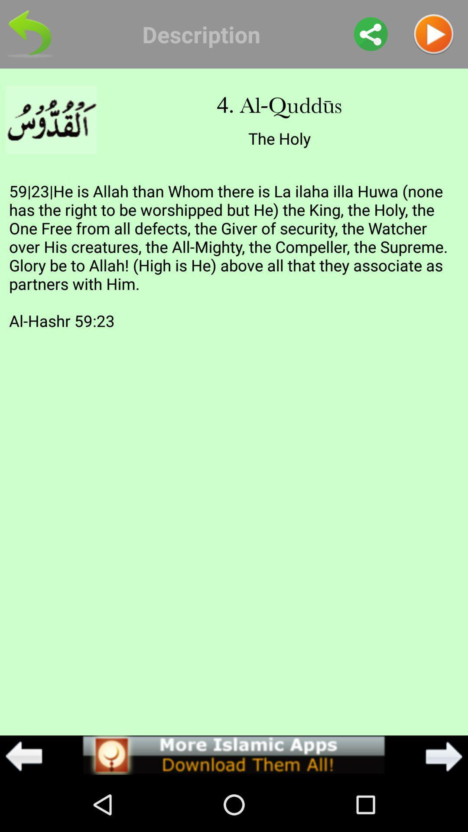  I want to click on item at the bottom right corner, so click(444, 756).